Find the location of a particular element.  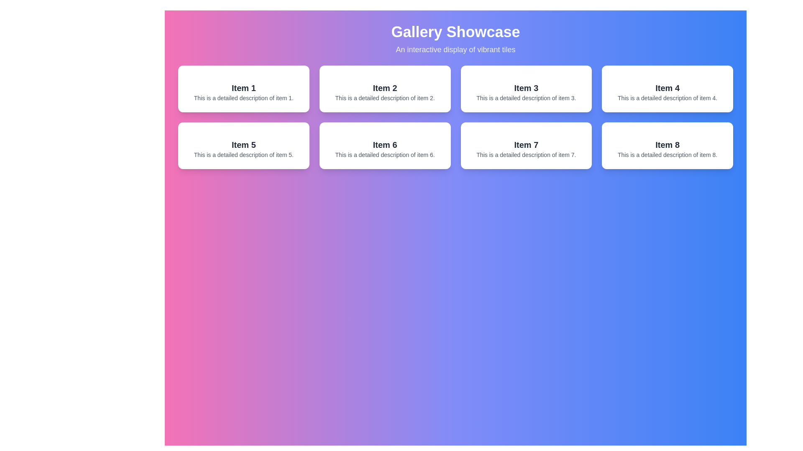

the text label located in the third row, second column of the grid below 'Gallery Showcase' to focus on the item it represents is located at coordinates (384, 144).